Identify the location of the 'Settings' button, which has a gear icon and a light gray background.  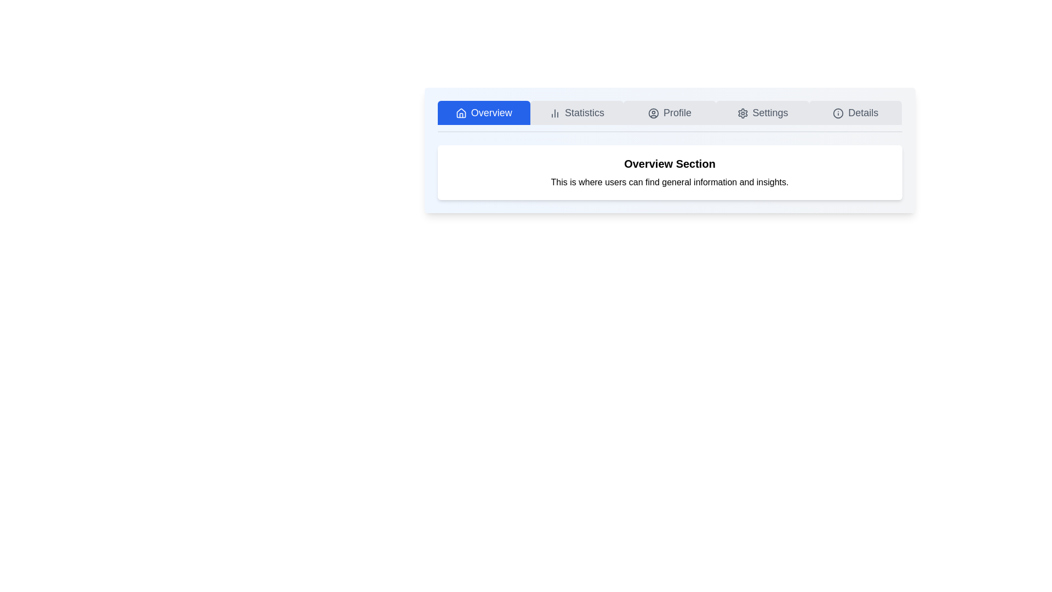
(762, 112).